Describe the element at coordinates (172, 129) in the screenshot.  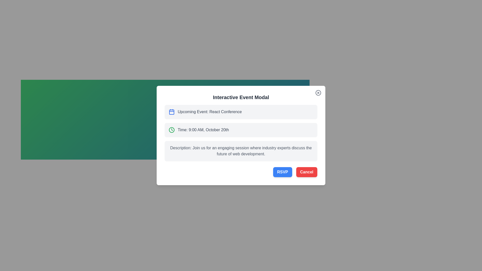
I see `the time icon located to the left of the text 'Time: 9:00 AM, October 20th' in the 'Interactive Event Modal' panel` at that location.